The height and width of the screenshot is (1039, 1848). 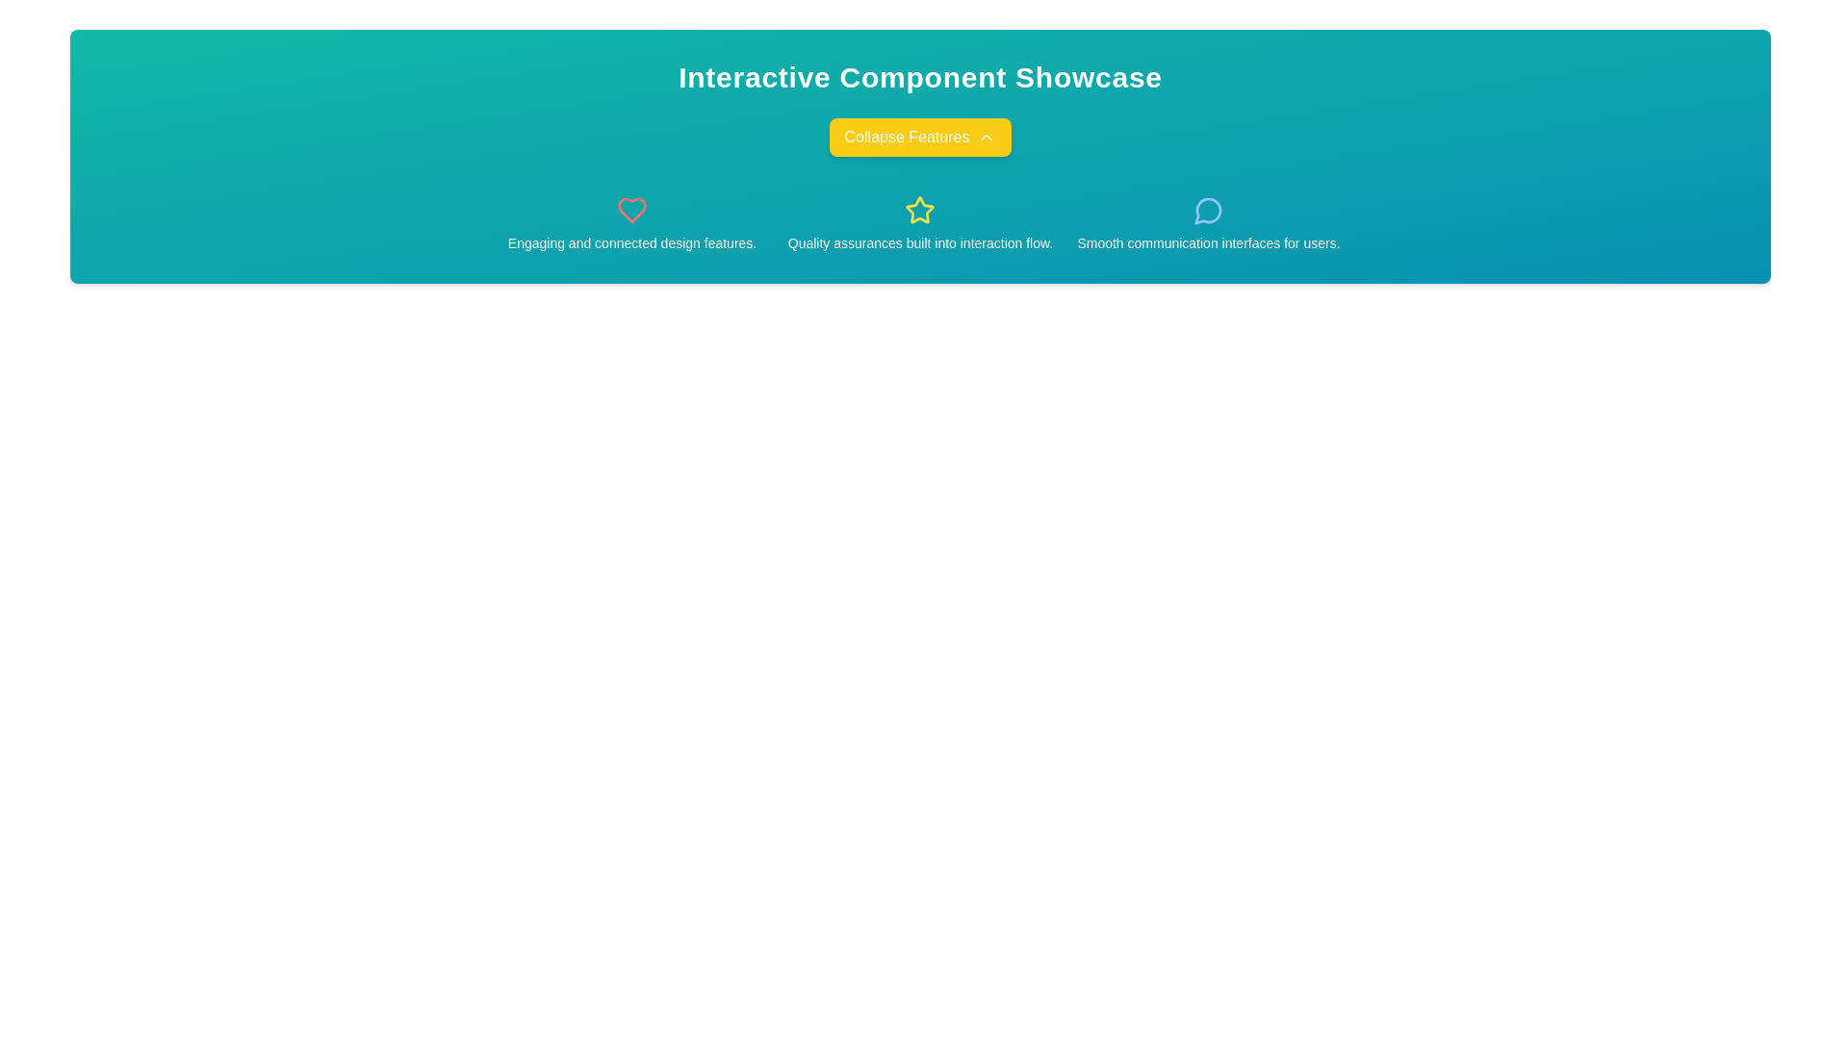 What do you see at coordinates (987, 136) in the screenshot?
I see `the visual state of the arrow icon located to the right of the 'Collapse Features' label within a yellow button, which indicates the collapsing or expanding state of a section` at bounding box center [987, 136].